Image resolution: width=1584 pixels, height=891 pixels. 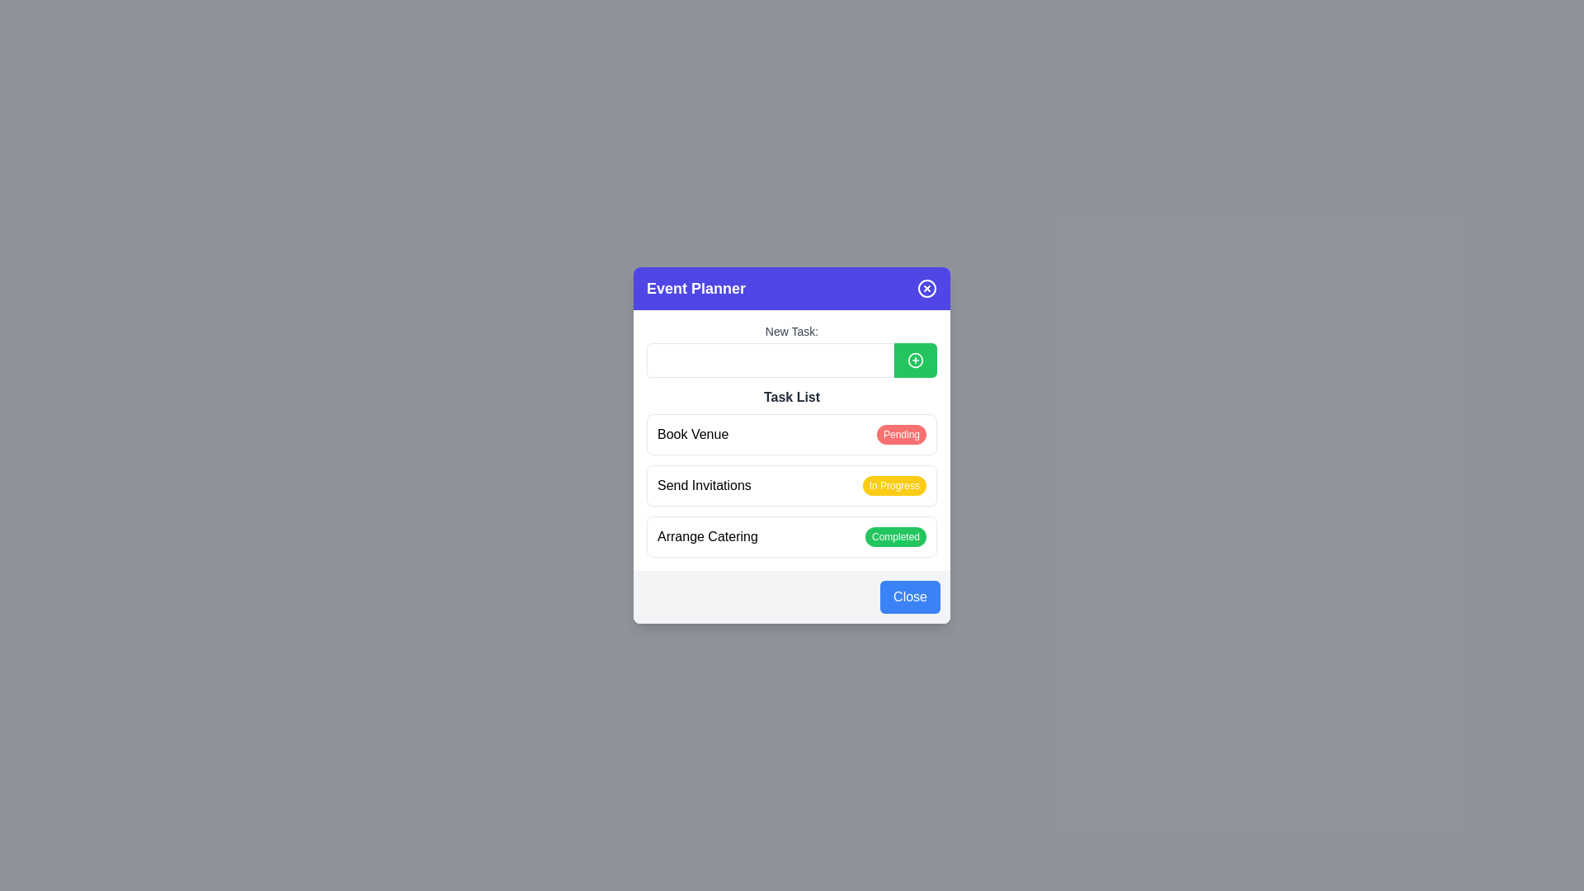 I want to click on header text that serves as the title for the modal or overlay window, positioned on the left side of the purple header section, so click(x=696, y=288).